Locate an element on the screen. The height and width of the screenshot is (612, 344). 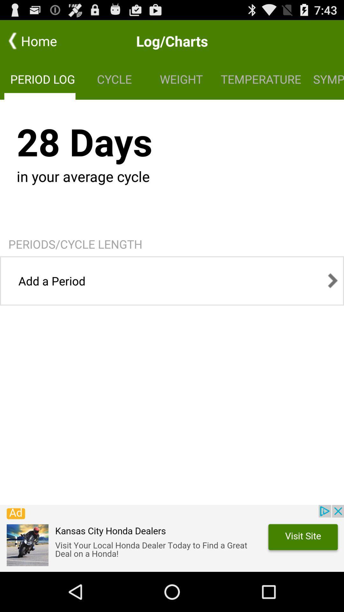
advertisement area is located at coordinates (172, 538).